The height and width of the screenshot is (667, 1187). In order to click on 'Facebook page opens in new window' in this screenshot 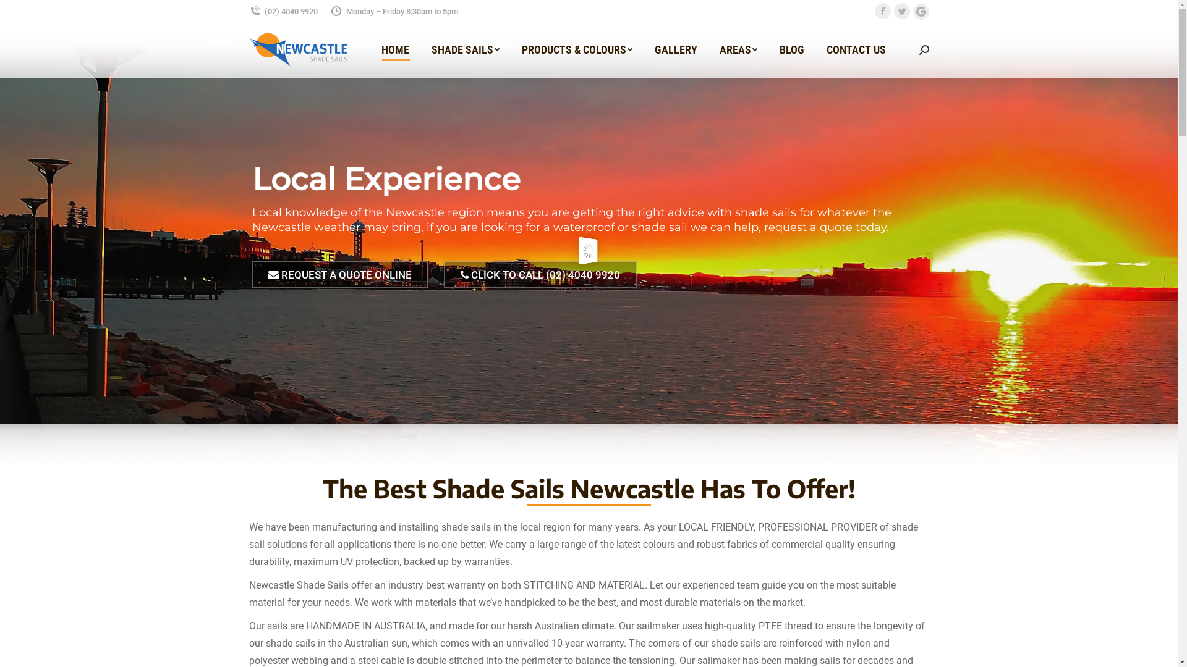, I will do `click(881, 10)`.